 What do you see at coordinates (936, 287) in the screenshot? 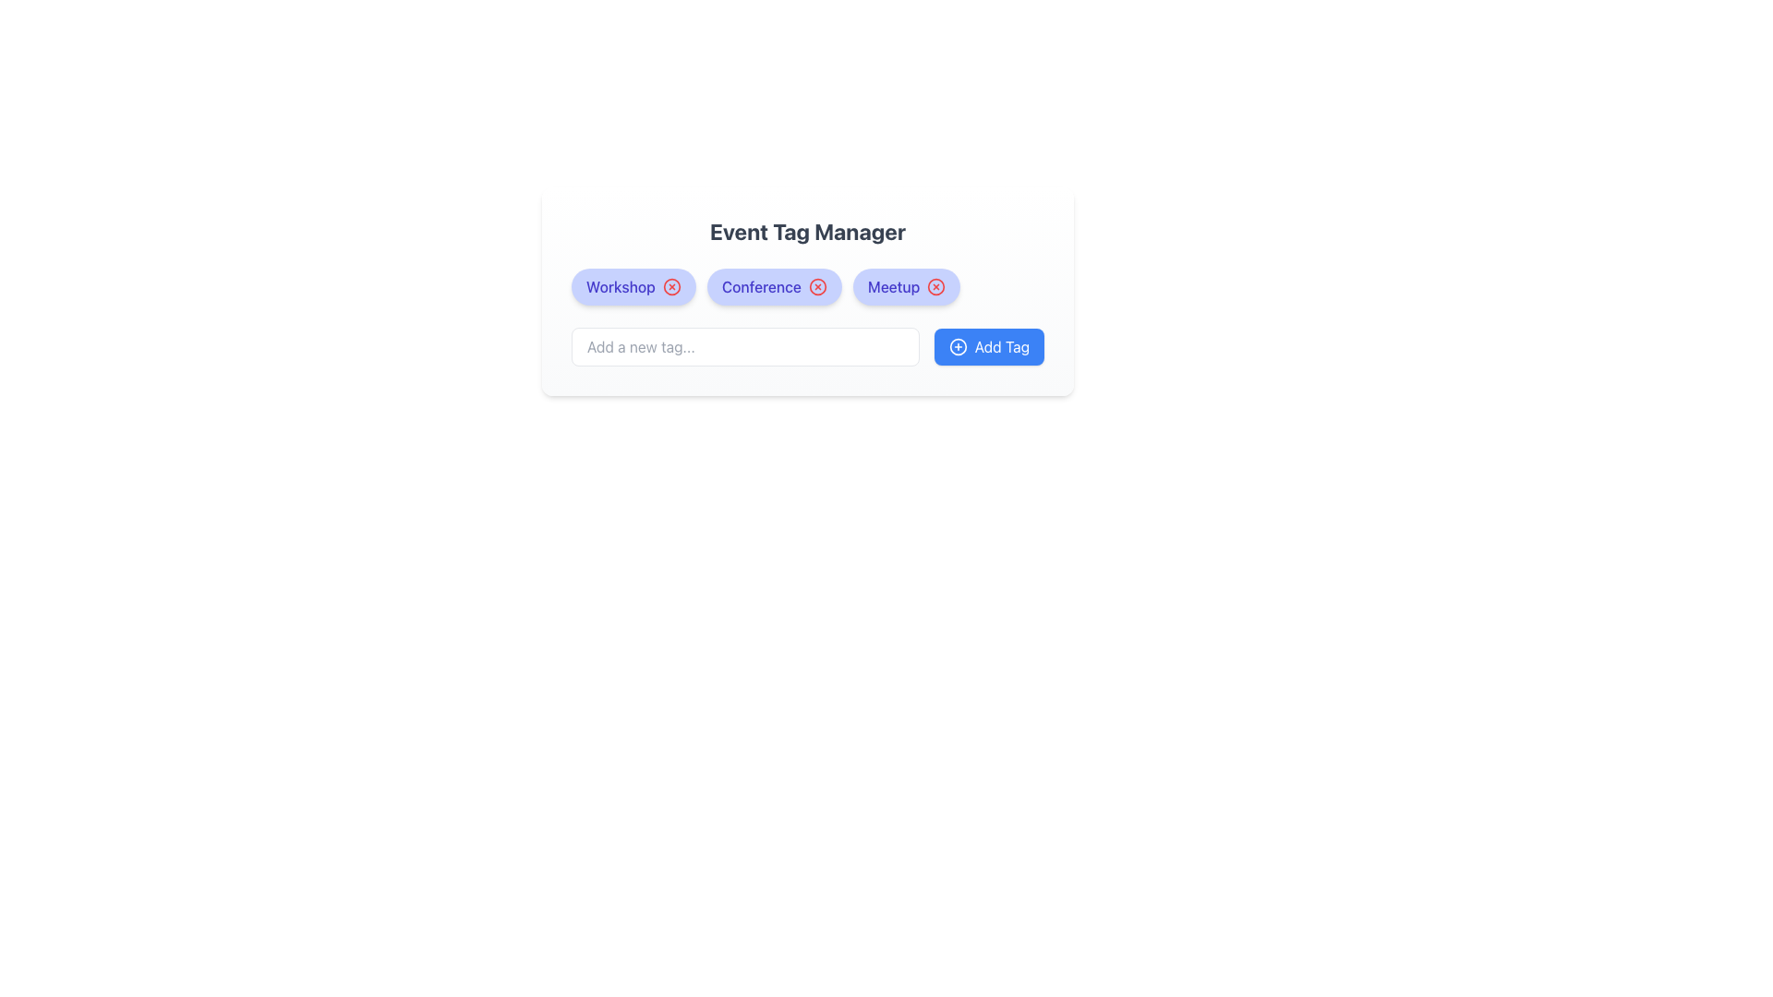
I see `the close or delete button icon for the 'Meetup' tag` at bounding box center [936, 287].